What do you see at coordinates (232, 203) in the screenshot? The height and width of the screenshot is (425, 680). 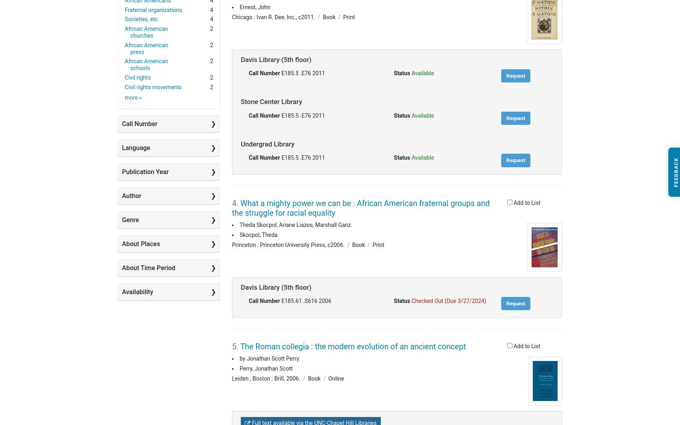 I see `'4.'` at bounding box center [232, 203].